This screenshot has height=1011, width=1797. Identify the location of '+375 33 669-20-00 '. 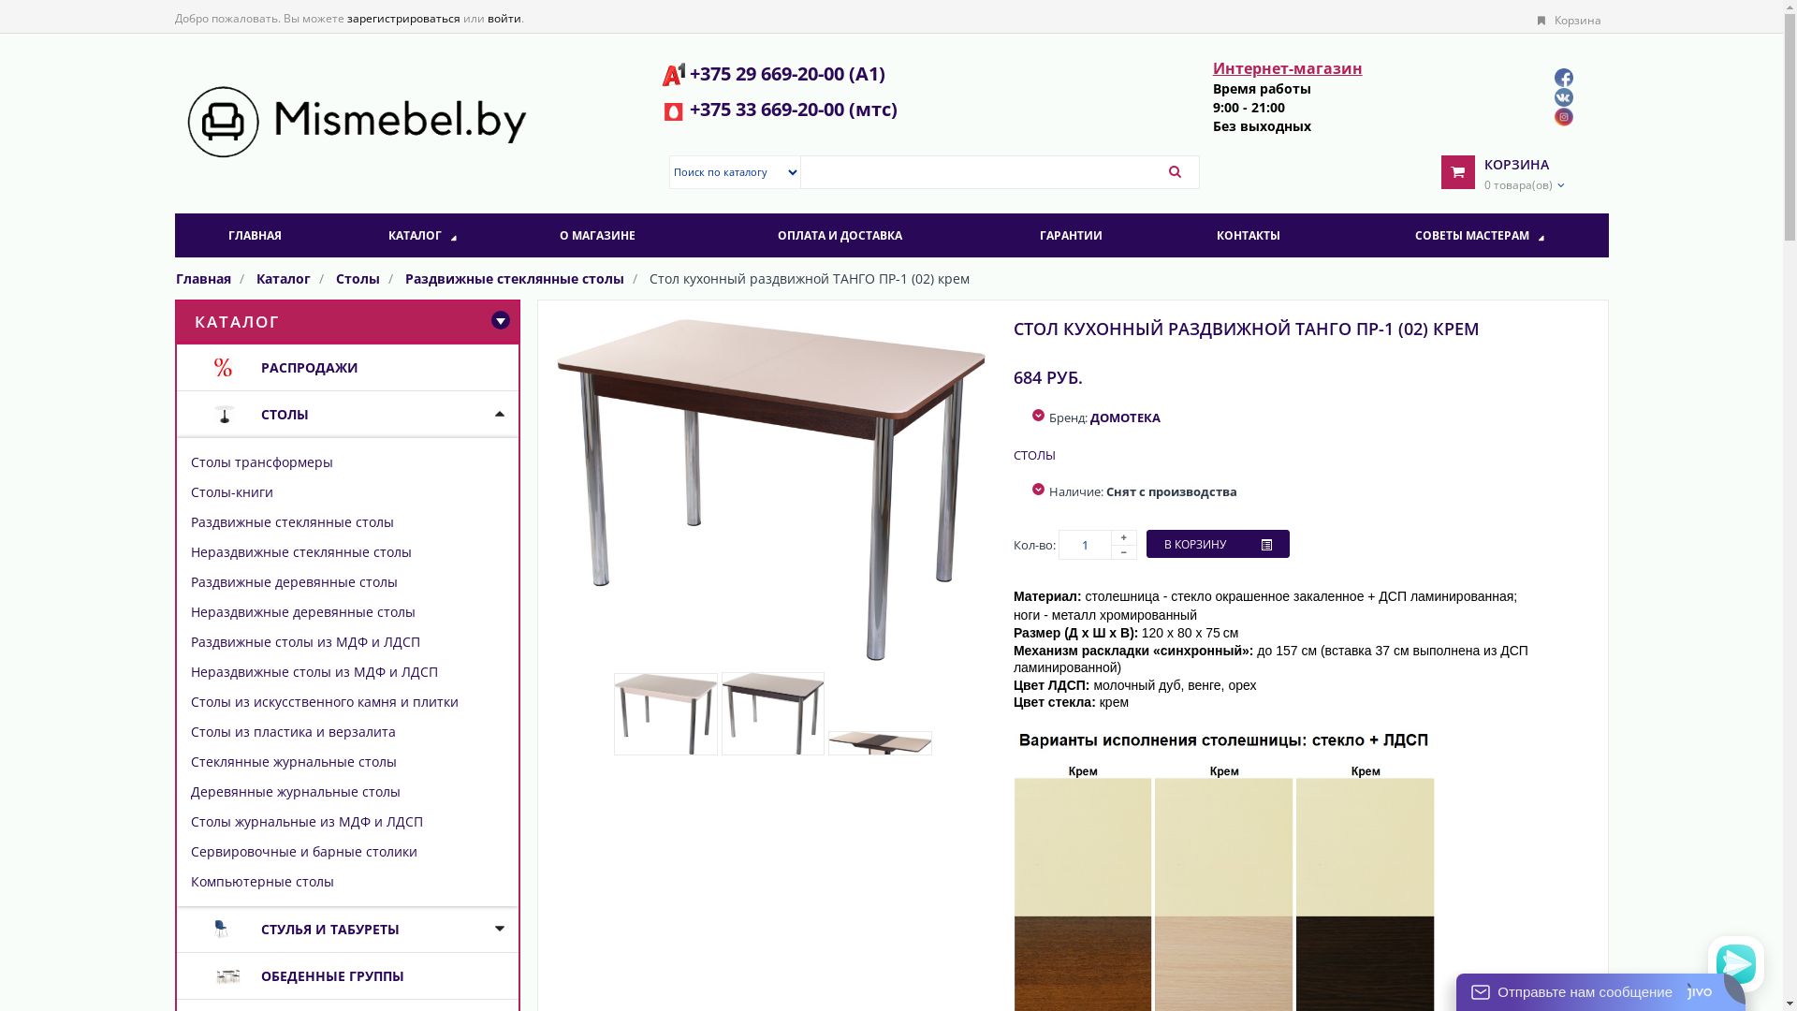
(689, 109).